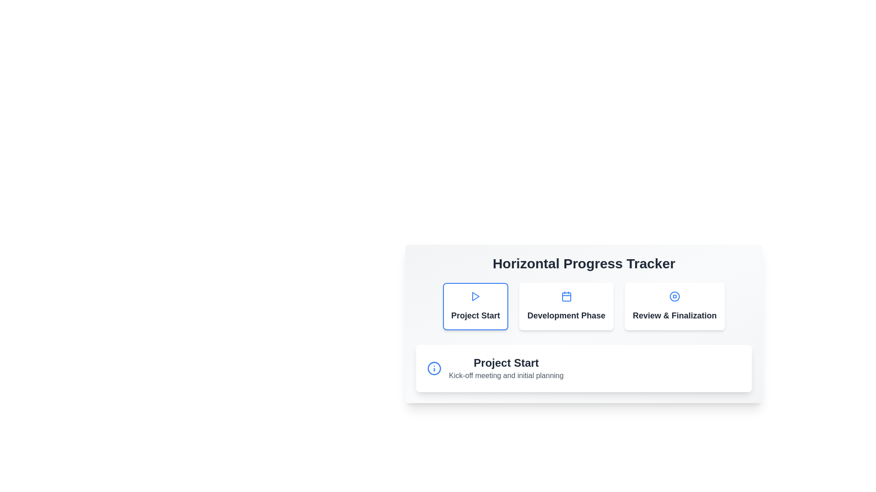 The height and width of the screenshot is (492, 876). Describe the element at coordinates (566, 297) in the screenshot. I see `the blue calendar icon, which is the second icon from the left in the 'Development Phase' card, to interact with its associated functionality` at that location.